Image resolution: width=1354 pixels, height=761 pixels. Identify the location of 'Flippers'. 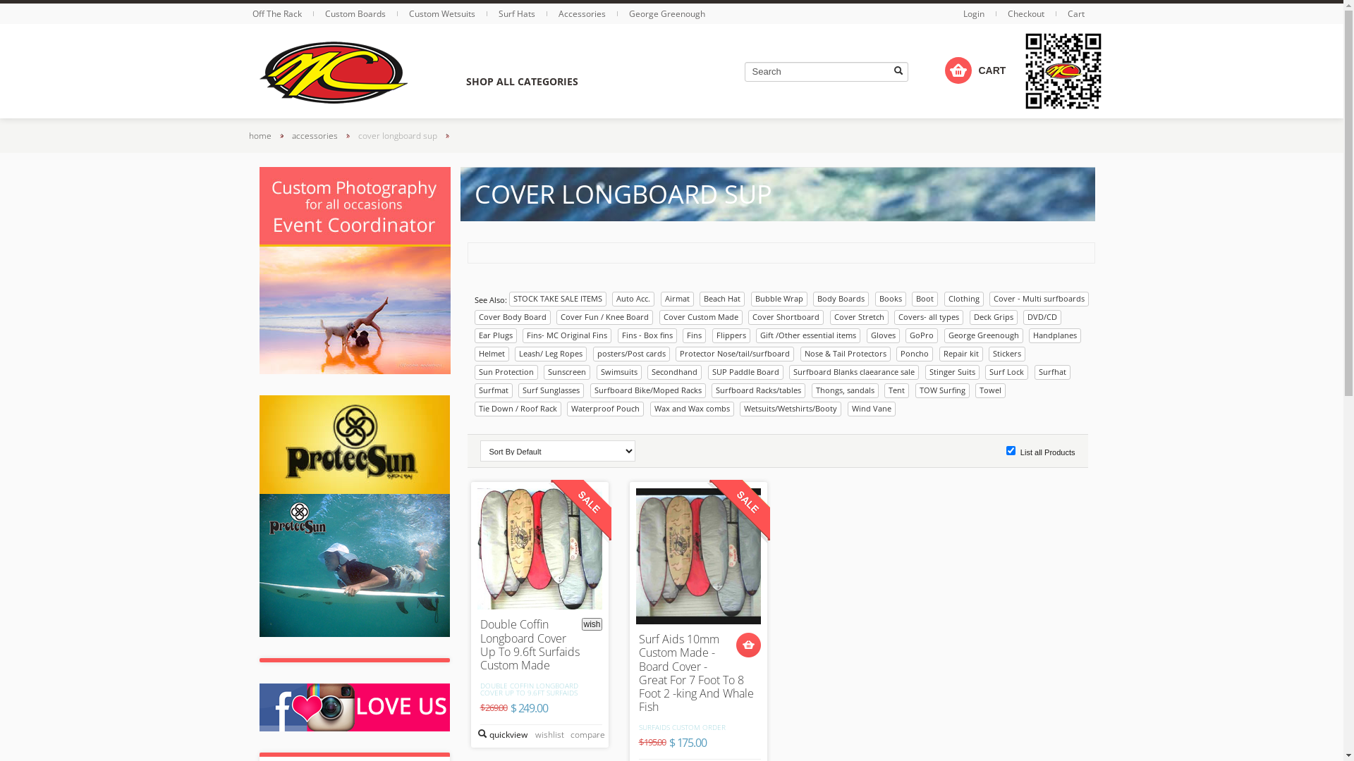
(731, 335).